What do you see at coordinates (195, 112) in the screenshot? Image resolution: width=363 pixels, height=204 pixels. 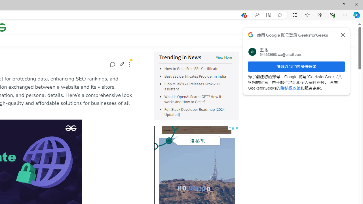 I see `'Full Stack Developer Roadmap [2024 Updated]'` at bounding box center [195, 112].